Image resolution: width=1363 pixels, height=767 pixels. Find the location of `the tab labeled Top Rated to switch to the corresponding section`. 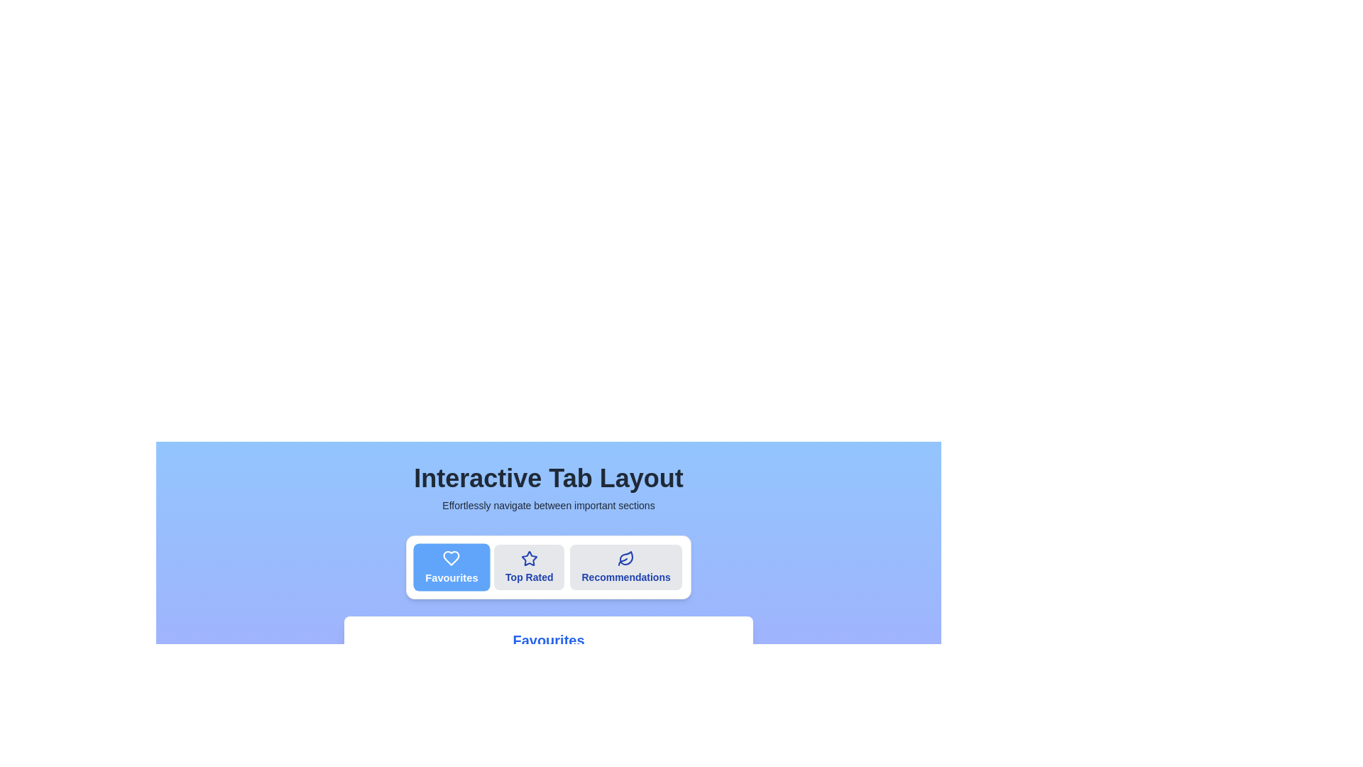

the tab labeled Top Rated to switch to the corresponding section is located at coordinates (528, 566).